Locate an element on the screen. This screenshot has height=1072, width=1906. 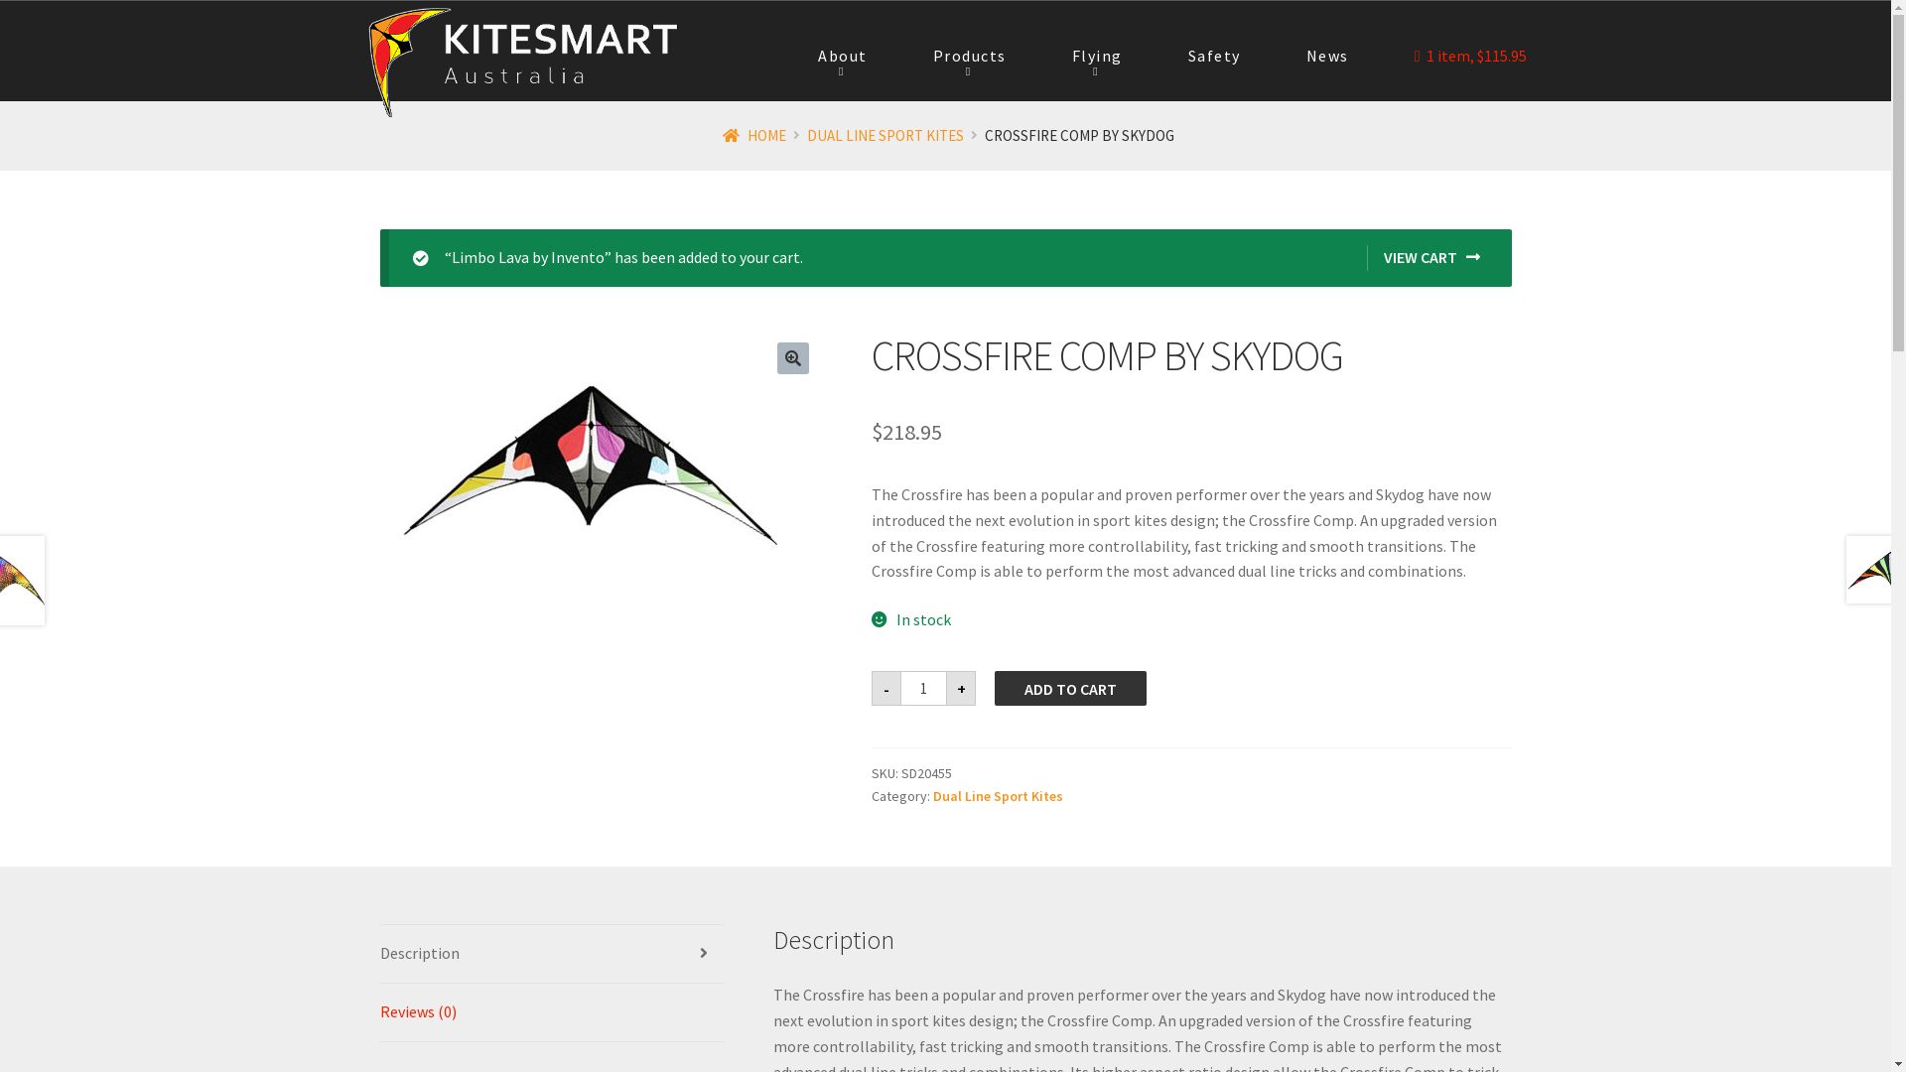
'Reviews (0)' is located at coordinates (551, 1011).